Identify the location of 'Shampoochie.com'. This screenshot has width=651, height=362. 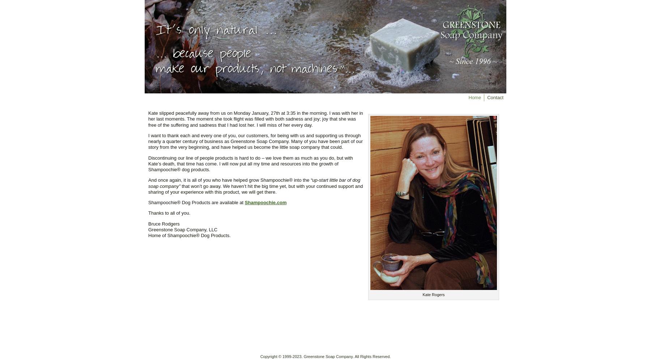
(244, 202).